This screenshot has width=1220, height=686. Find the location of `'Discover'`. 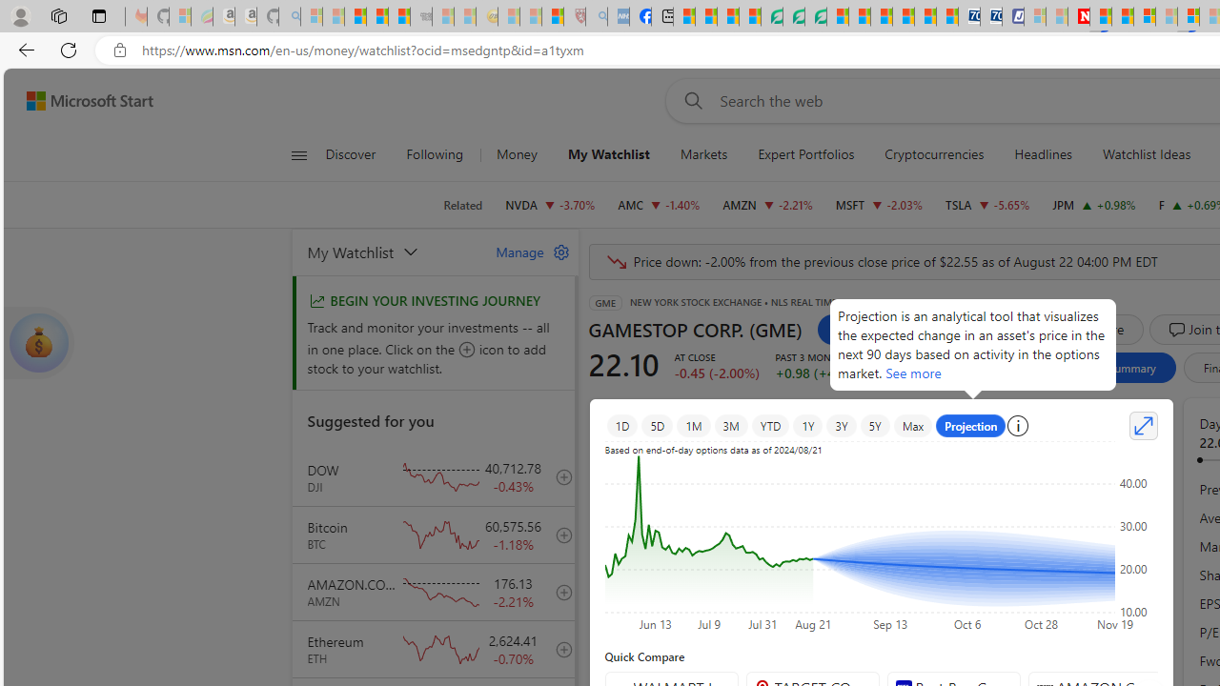

'Discover' is located at coordinates (357, 154).